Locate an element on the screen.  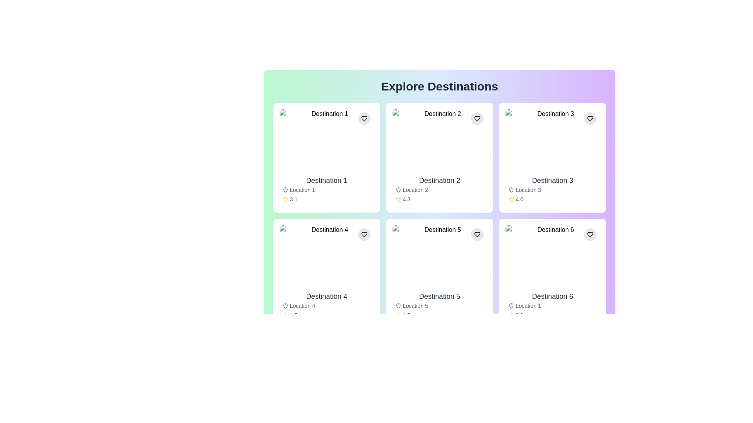
the rating icon for 'Destination 4' is located at coordinates (285, 315).